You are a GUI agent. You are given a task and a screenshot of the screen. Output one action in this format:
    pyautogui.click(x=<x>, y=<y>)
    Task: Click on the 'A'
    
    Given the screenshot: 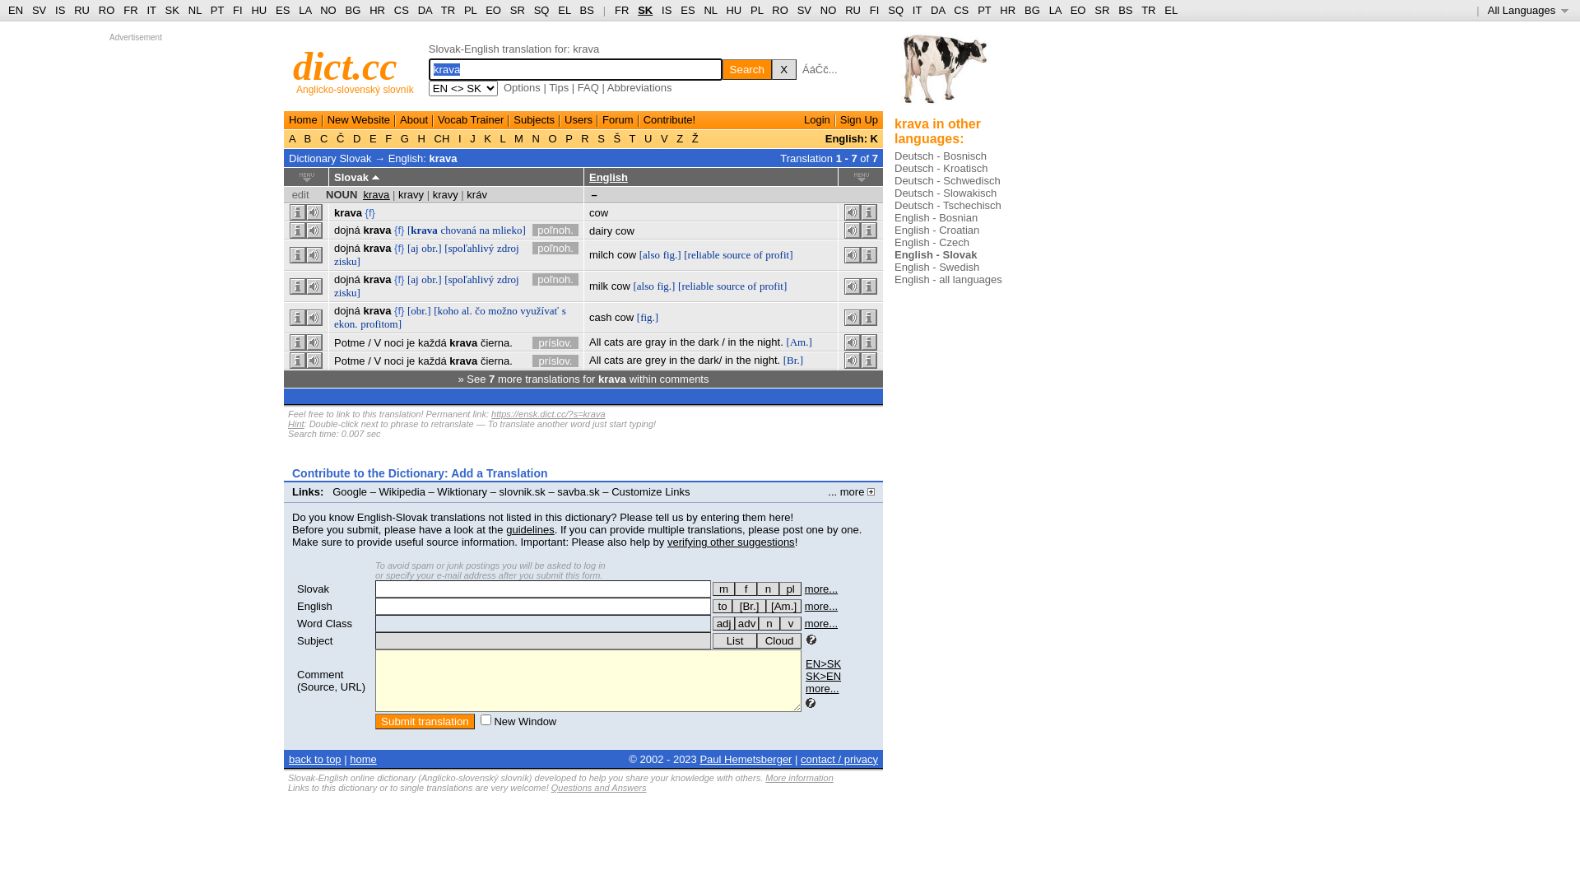 What is the action you would take?
    pyautogui.click(x=293, y=137)
    